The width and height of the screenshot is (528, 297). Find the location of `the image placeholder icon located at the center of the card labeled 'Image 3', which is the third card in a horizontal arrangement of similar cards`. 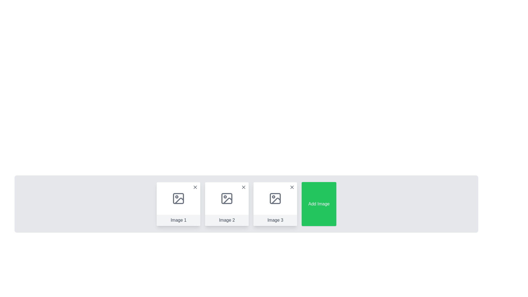

the image placeholder icon located at the center of the card labeled 'Image 3', which is the third card in a horizontal arrangement of similar cards is located at coordinates (275, 198).